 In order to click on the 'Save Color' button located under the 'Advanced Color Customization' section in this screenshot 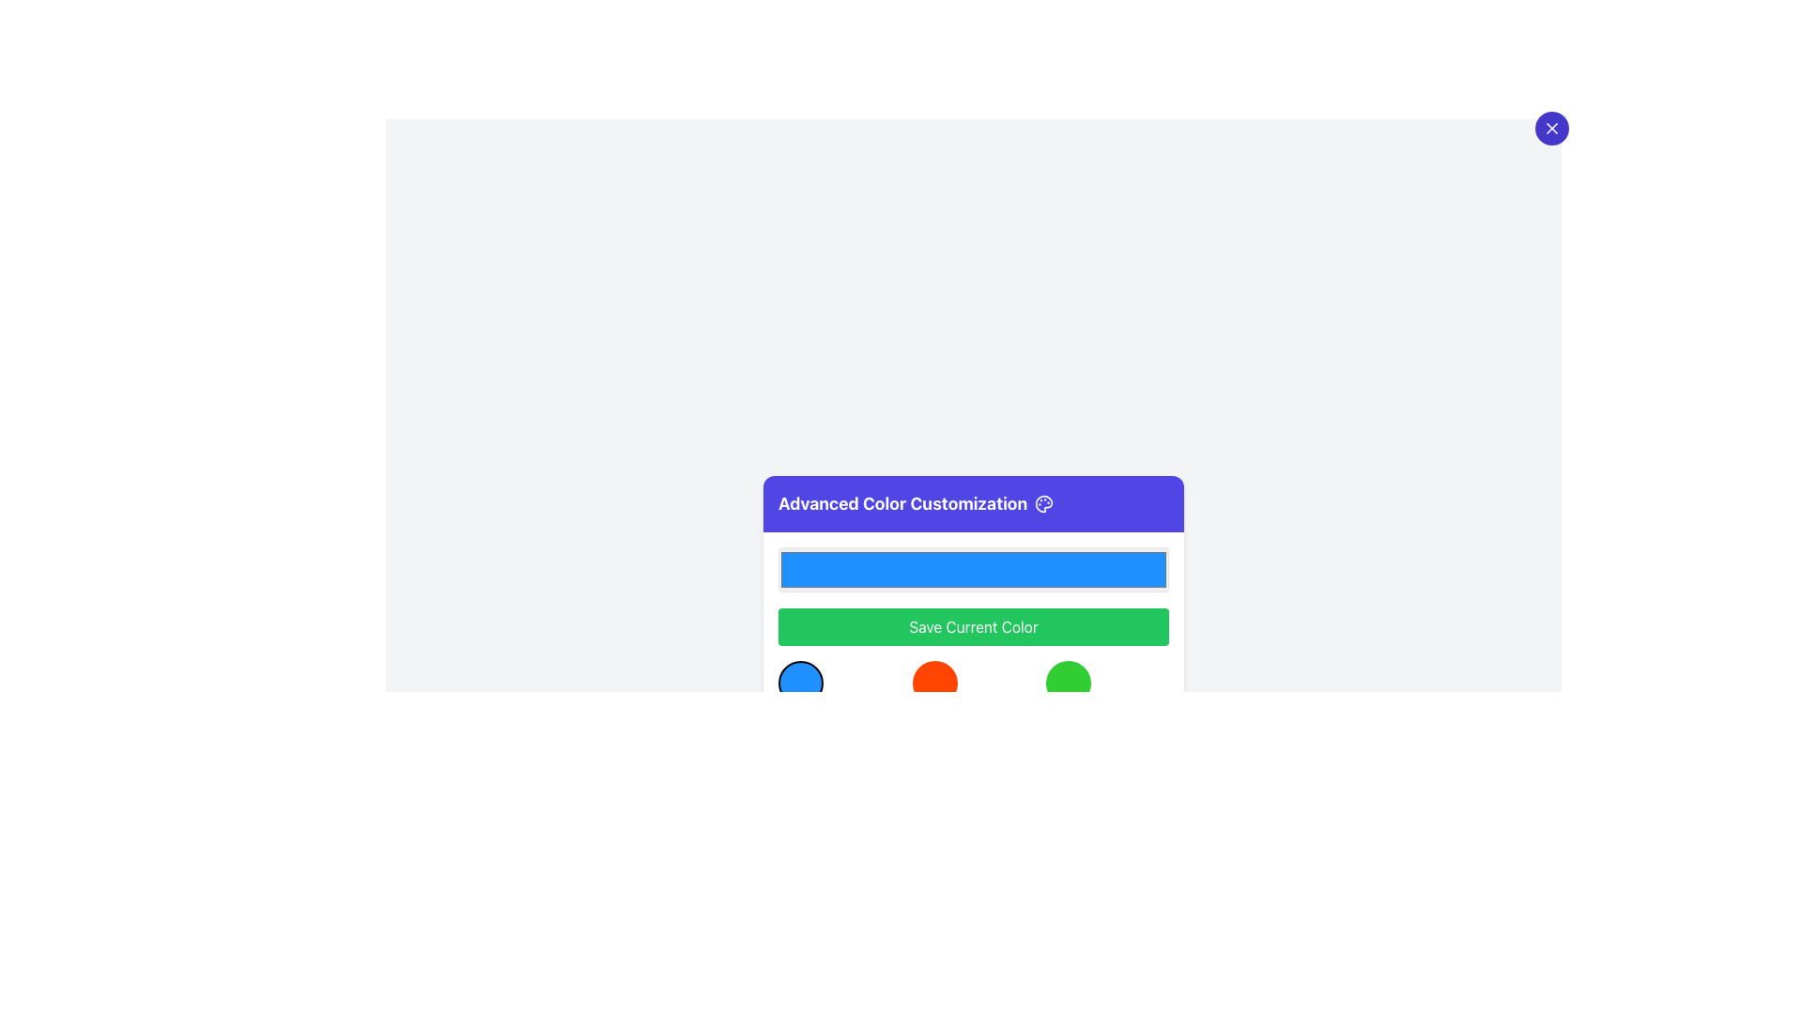, I will do `click(973, 626)`.